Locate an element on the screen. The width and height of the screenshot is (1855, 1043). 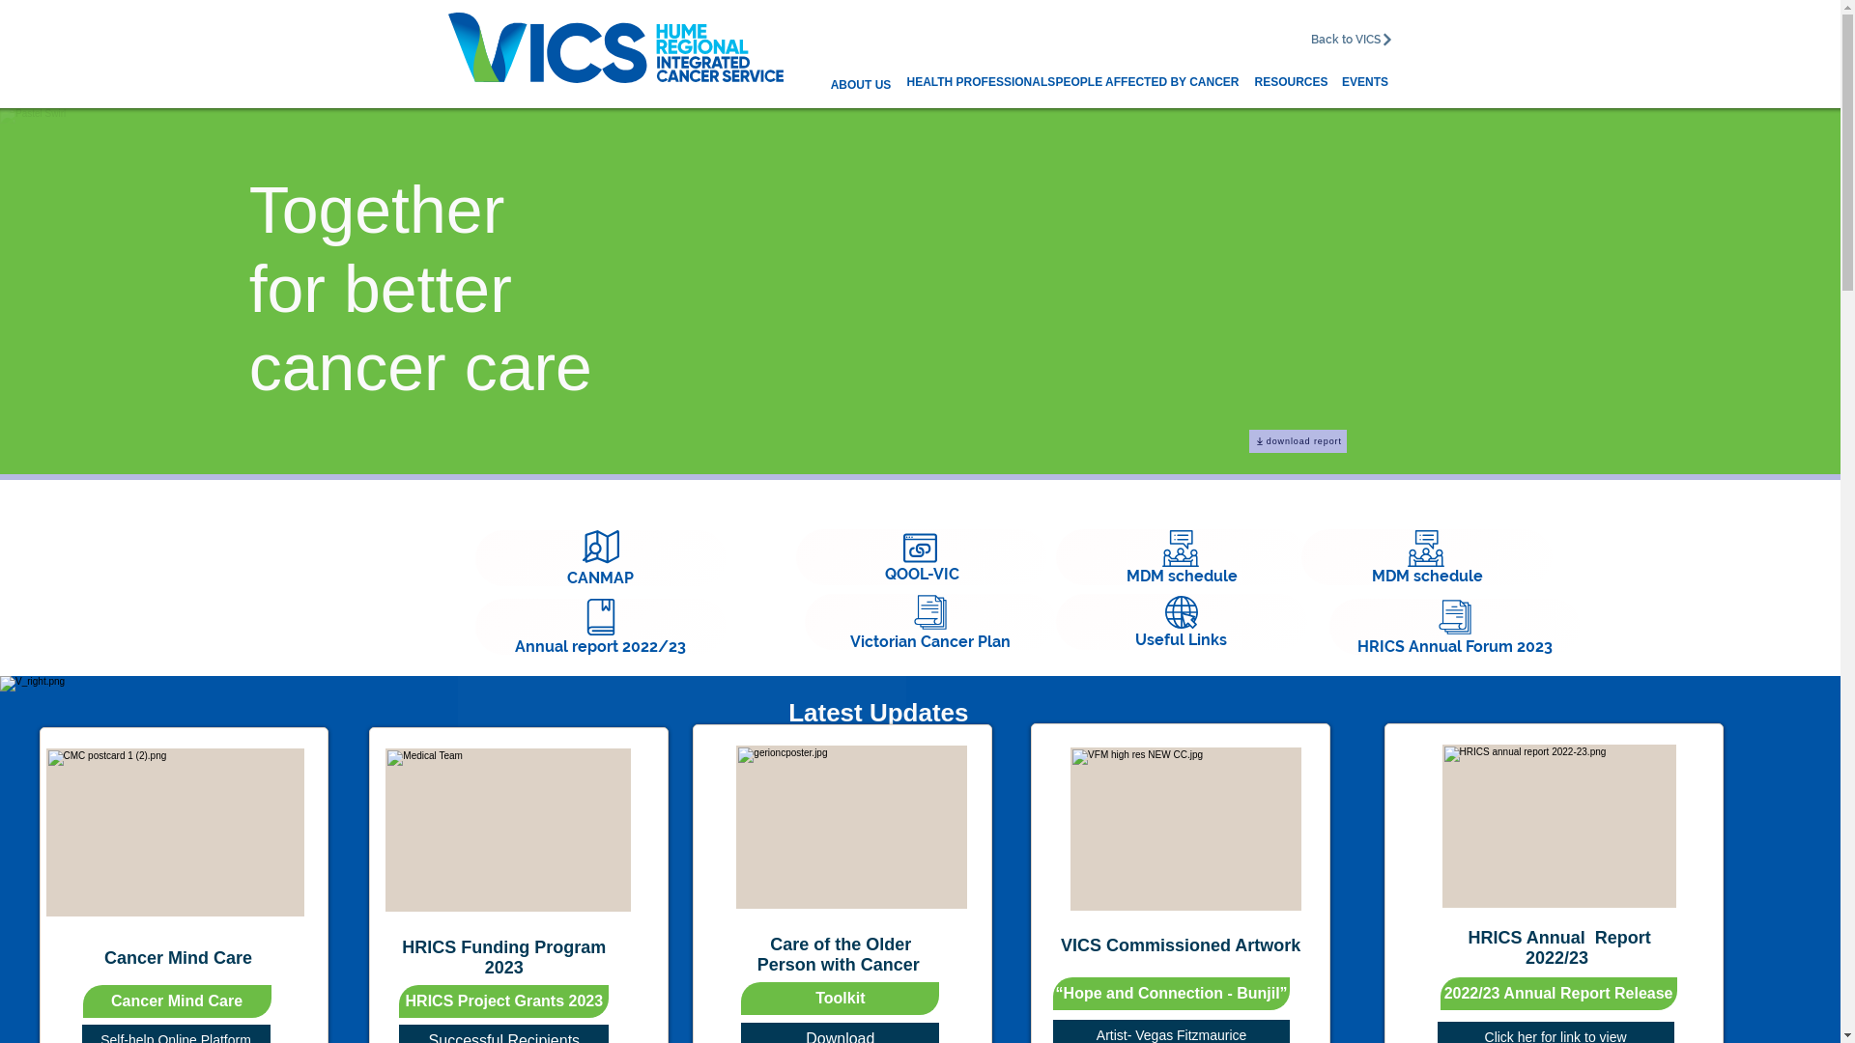
'download report' is located at coordinates (1298, 440).